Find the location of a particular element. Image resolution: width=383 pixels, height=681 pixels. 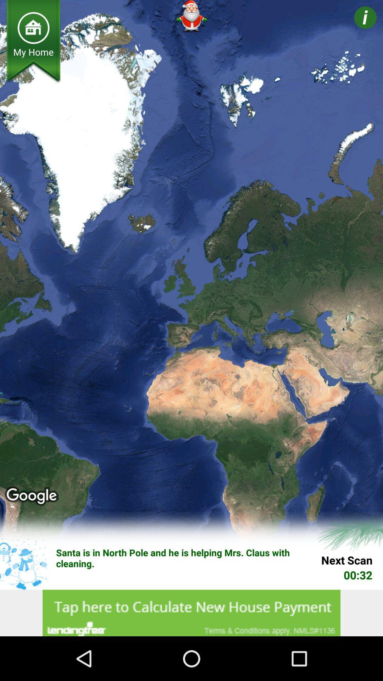

advertisements option is located at coordinates (191, 613).